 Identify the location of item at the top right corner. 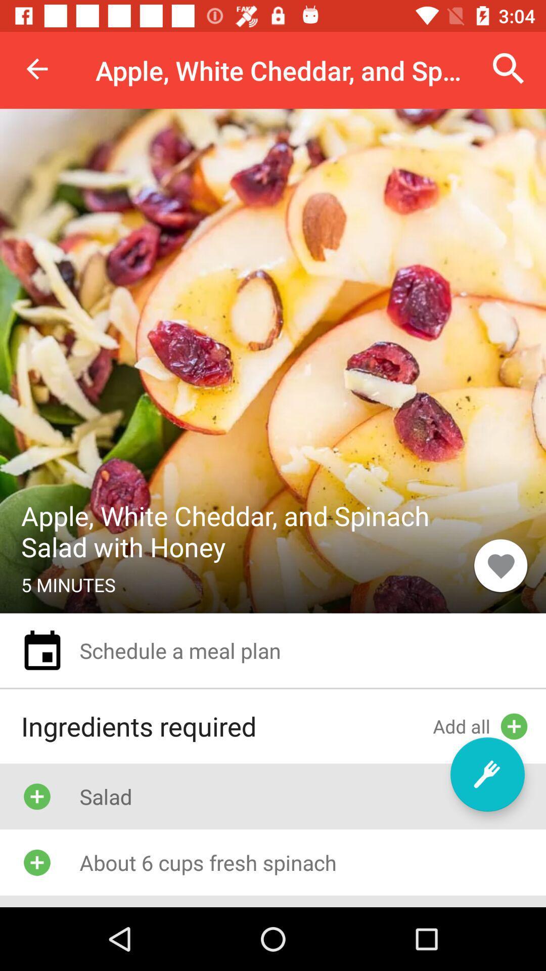
(509, 68).